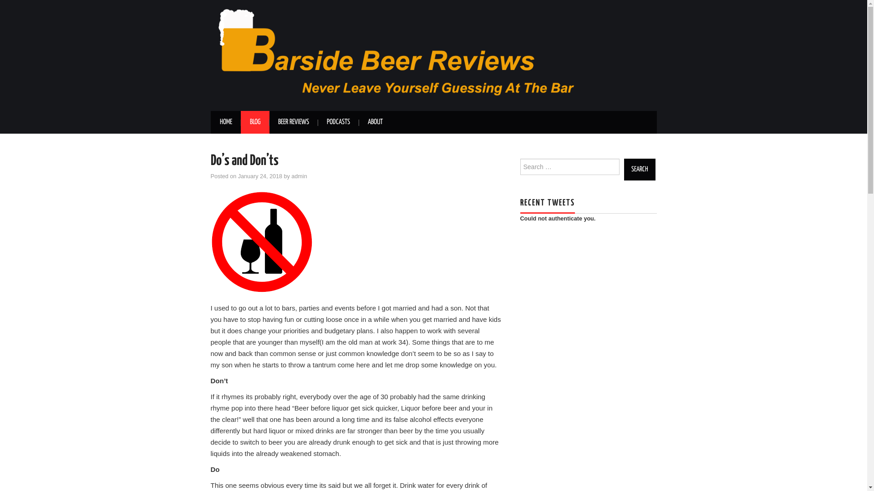 The width and height of the screenshot is (874, 491). What do you see at coordinates (358, 122) in the screenshot?
I see `'ABOUT'` at bounding box center [358, 122].